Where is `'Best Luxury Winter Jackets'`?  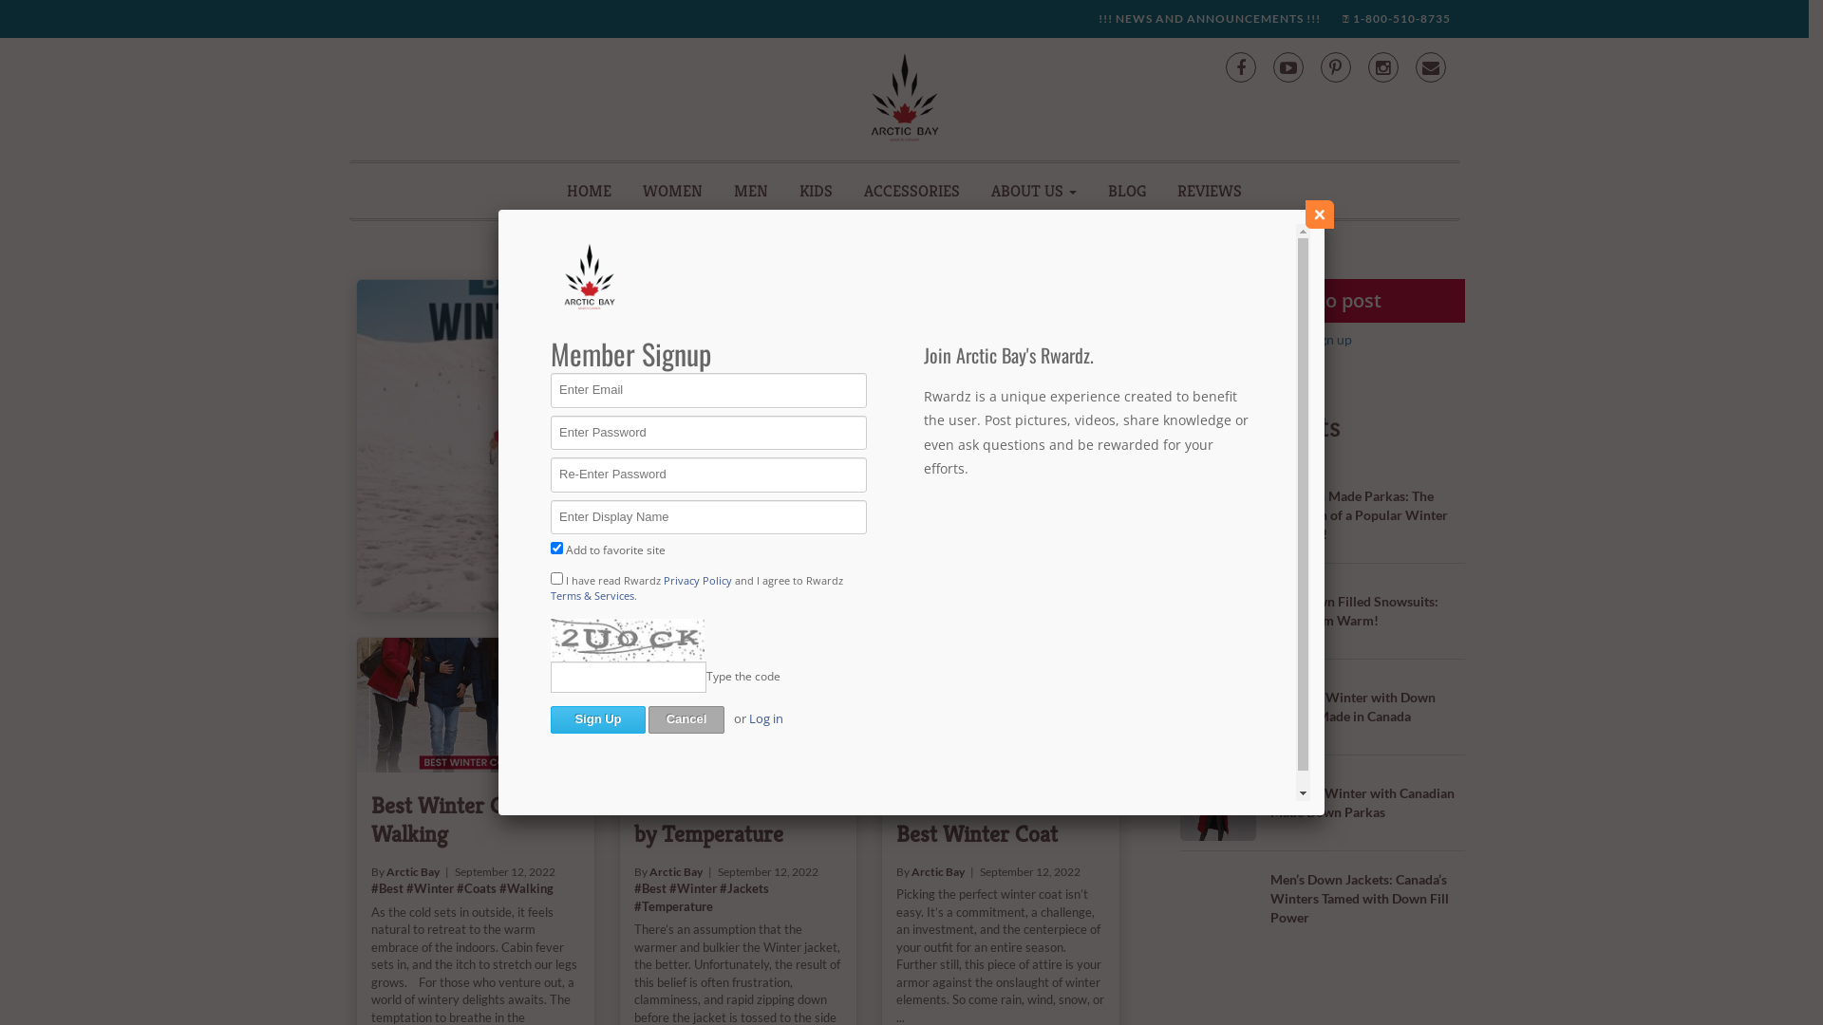 'Best Luxury Winter Jackets' is located at coordinates (933, 312).